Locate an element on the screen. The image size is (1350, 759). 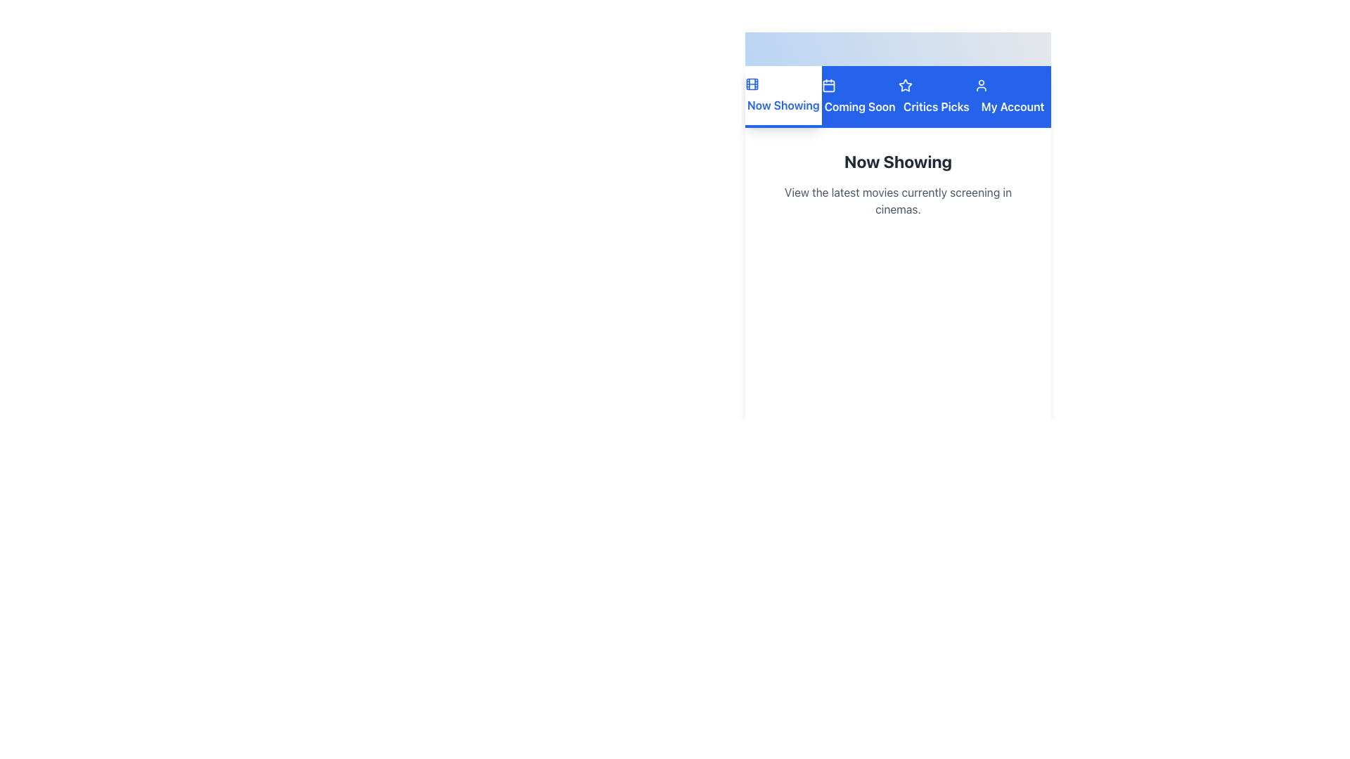
the 'Now Showing' text label in the navigation bar is located at coordinates (783, 105).